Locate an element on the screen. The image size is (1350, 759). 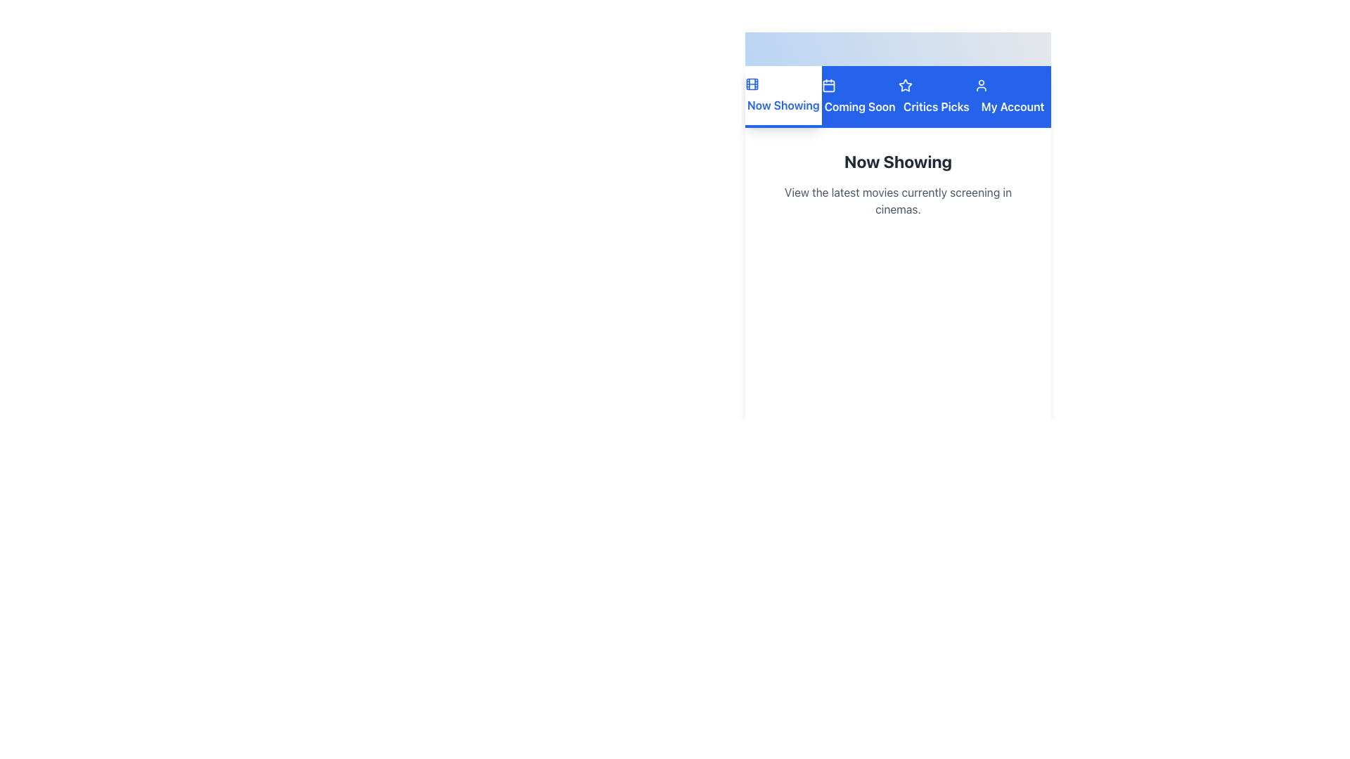
the 'Now Showing' text label in the navigation bar is located at coordinates (783, 105).